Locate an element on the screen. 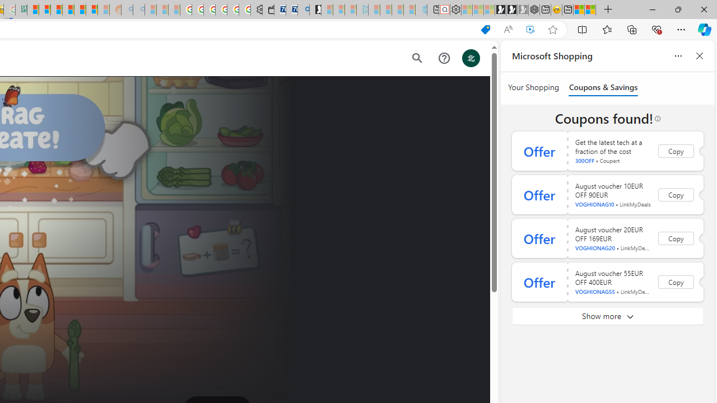 The height and width of the screenshot is (403, 717). 'Enhance video' is located at coordinates (529, 29).